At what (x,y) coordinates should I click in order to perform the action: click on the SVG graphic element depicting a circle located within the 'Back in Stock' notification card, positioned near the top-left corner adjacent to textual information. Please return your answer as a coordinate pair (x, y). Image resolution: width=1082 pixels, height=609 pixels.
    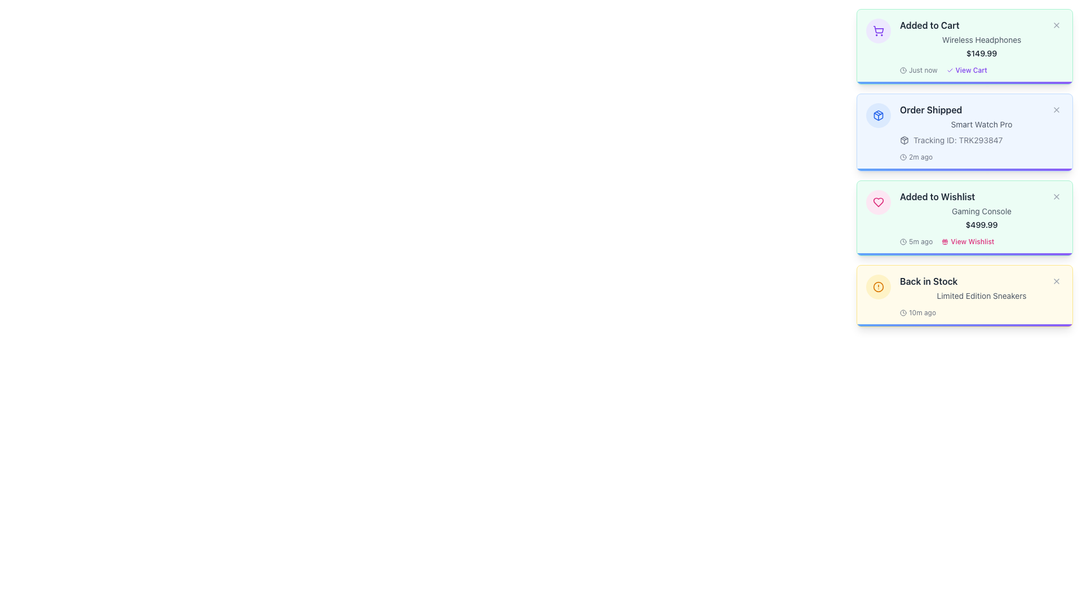
    Looking at the image, I should click on (903, 313).